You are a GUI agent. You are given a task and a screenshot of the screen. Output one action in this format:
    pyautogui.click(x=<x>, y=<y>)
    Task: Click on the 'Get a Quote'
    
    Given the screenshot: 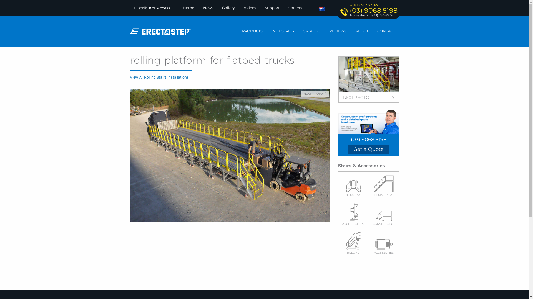 What is the action you would take?
    pyautogui.click(x=368, y=149)
    